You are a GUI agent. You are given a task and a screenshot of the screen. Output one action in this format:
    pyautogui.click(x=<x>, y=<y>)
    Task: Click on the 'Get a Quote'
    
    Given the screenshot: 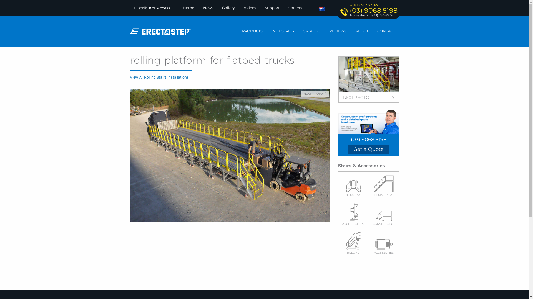 What is the action you would take?
    pyautogui.click(x=368, y=149)
    